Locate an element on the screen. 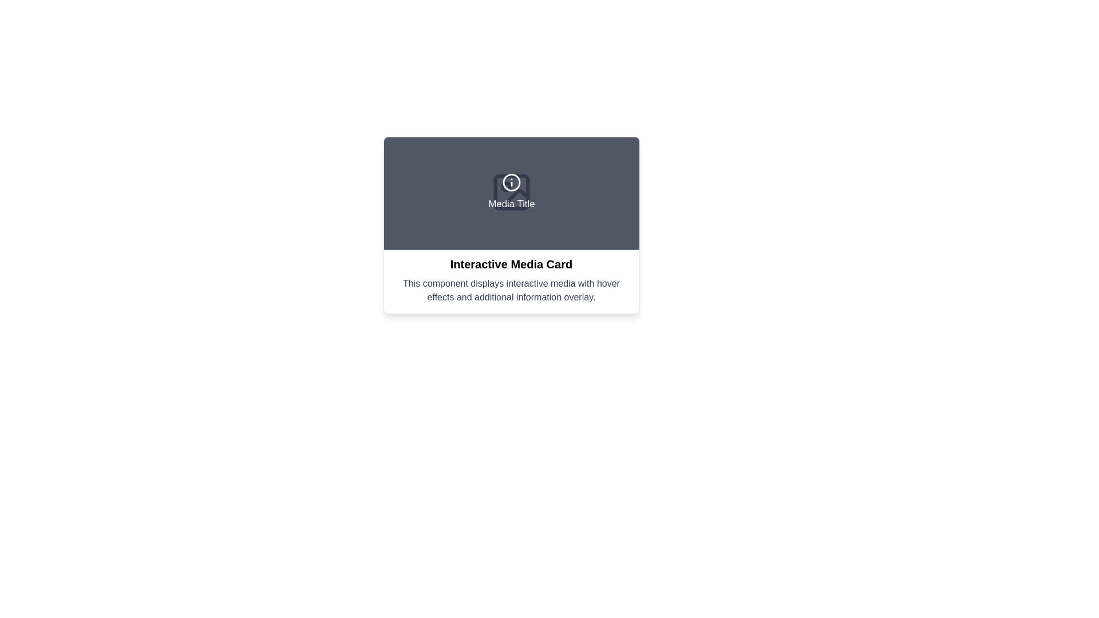 Image resolution: width=1099 pixels, height=618 pixels. text of the Interactive Media Card, which features a dark background with an icon and the title 'Media Title' at the top and a white background with the bold title 'Interactive Media Card' at the bottom is located at coordinates (511, 225).